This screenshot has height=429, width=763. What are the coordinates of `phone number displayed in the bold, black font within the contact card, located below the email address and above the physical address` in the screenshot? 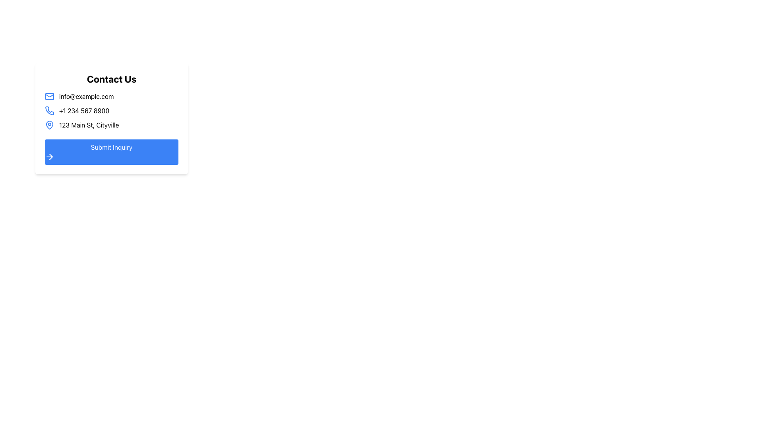 It's located at (84, 110).